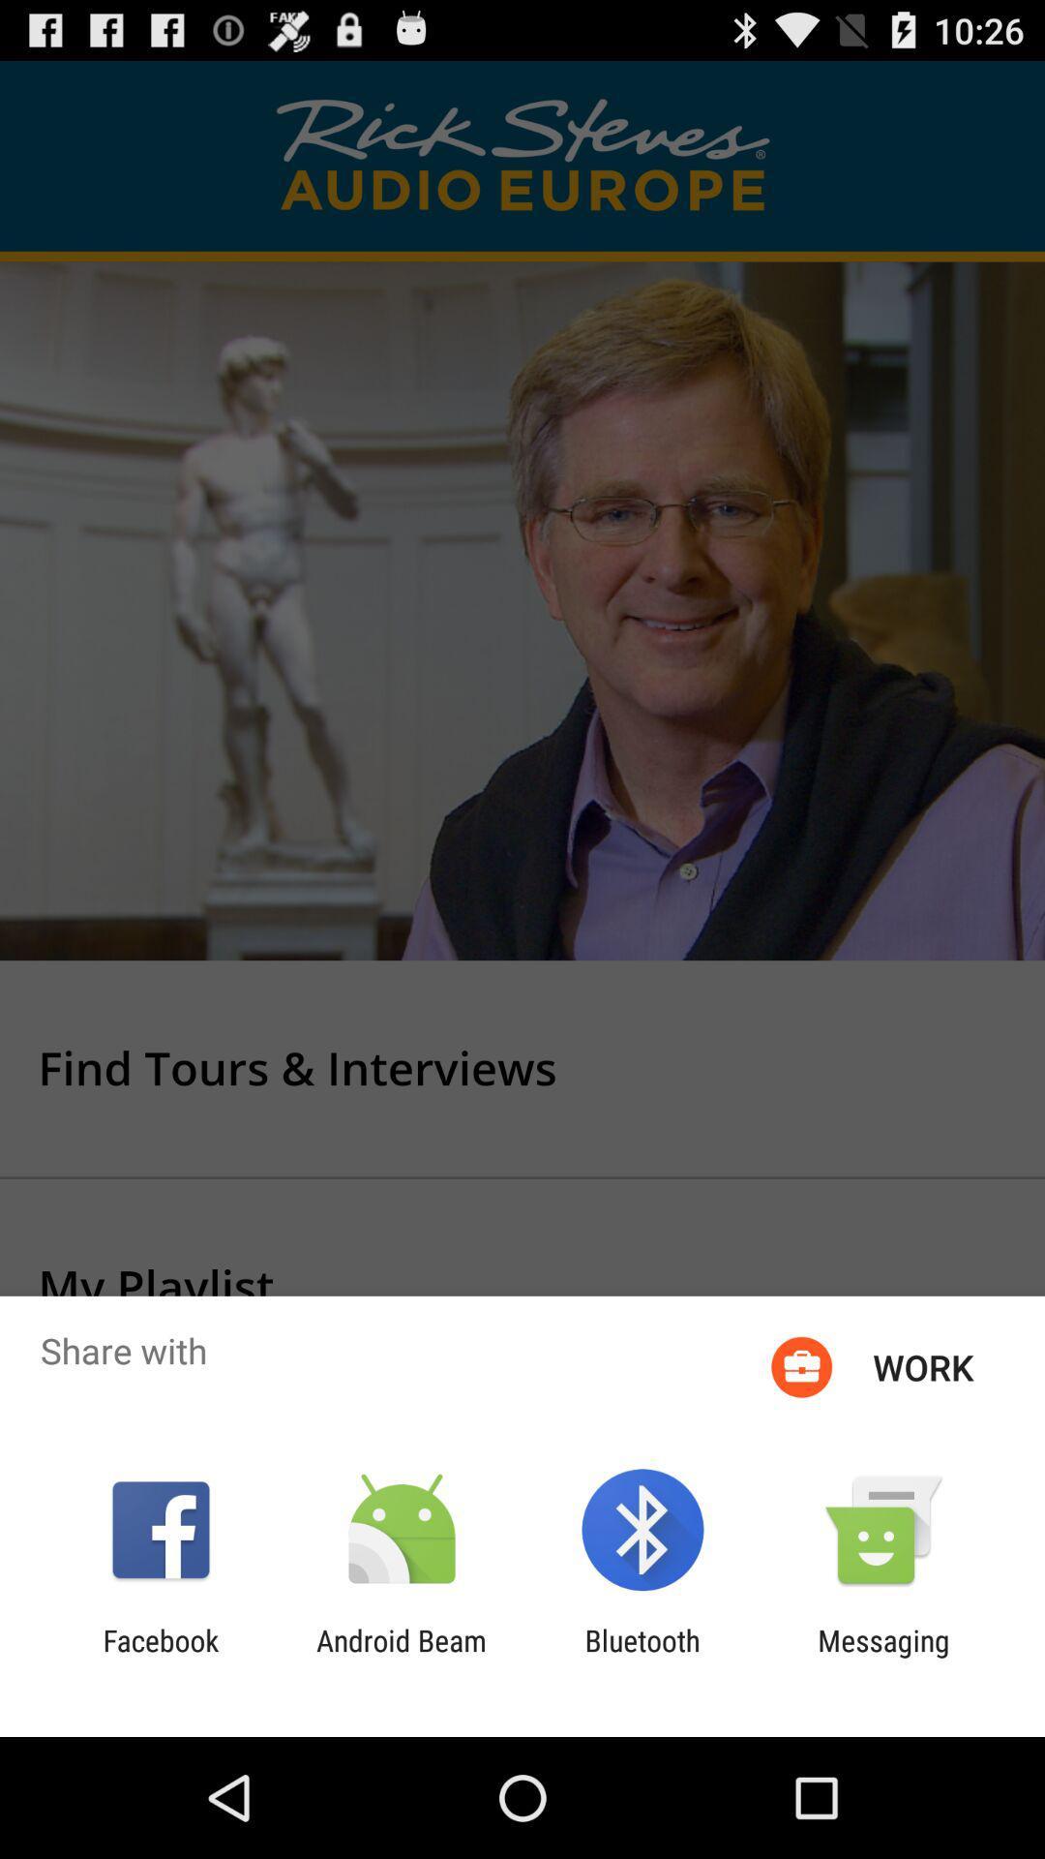 The width and height of the screenshot is (1045, 1859). What do you see at coordinates (401, 1657) in the screenshot?
I see `icon next to the facebook` at bounding box center [401, 1657].